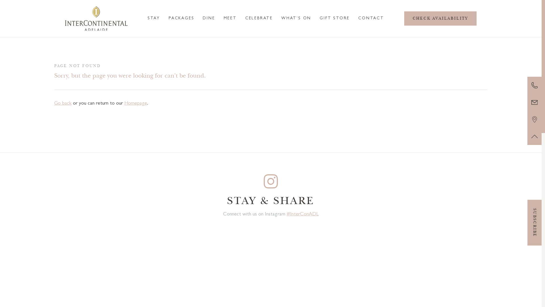  What do you see at coordinates (208, 18) in the screenshot?
I see `'DINE'` at bounding box center [208, 18].